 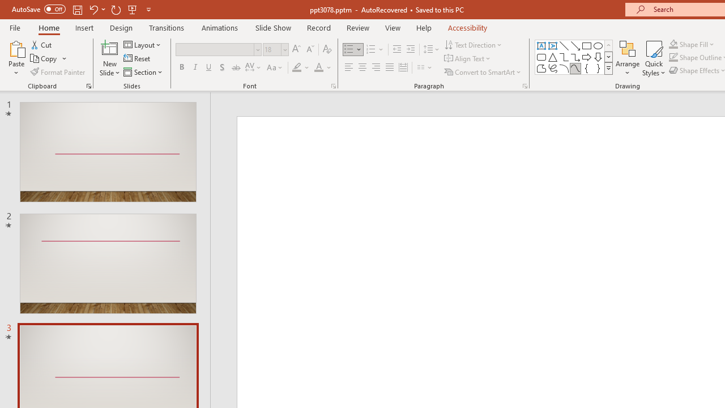 I want to click on 'Shape Outline Green, Accent 1', so click(x=673, y=57).